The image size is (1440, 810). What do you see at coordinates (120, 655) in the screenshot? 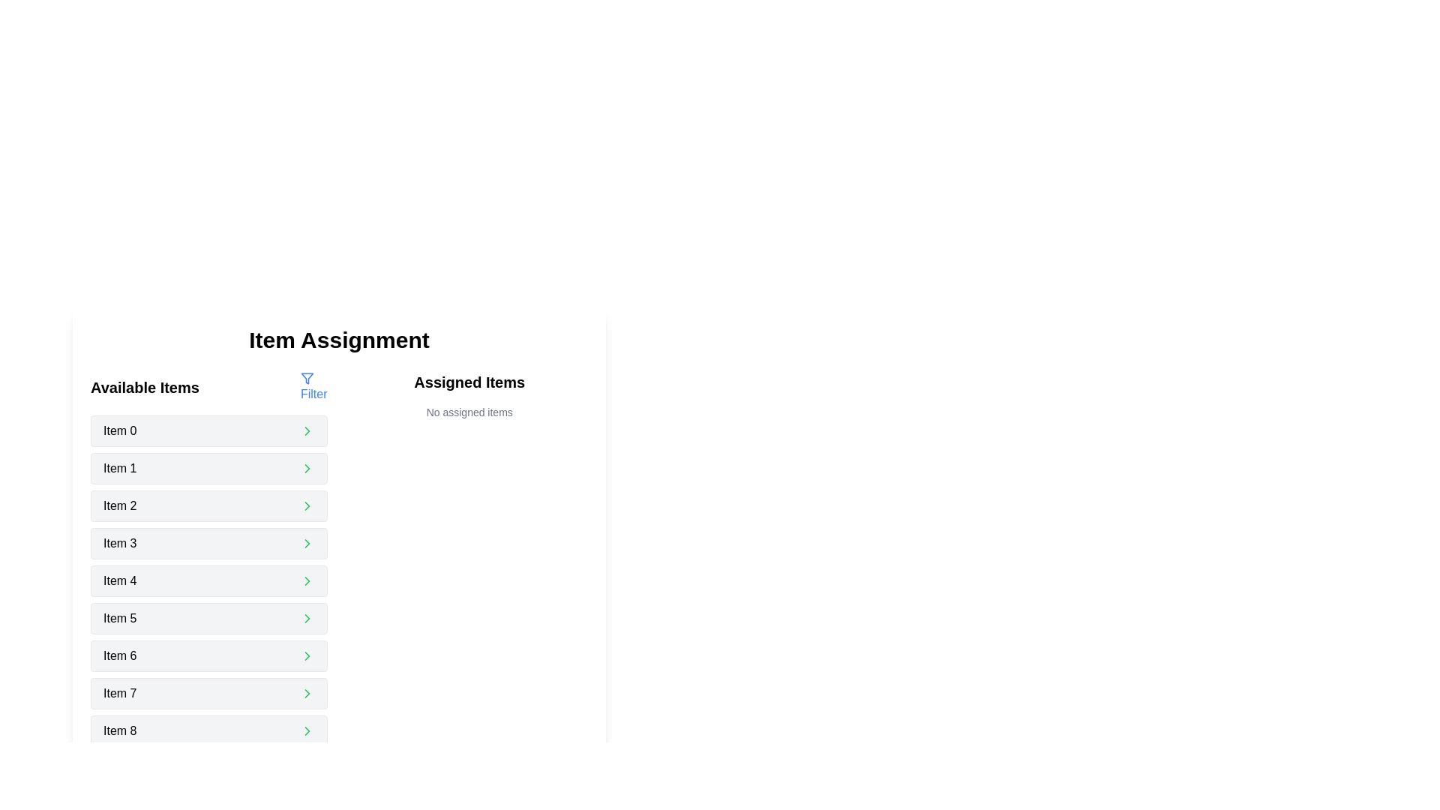
I see `the sixth text label in the 'Available Items' list, which is positioned between 'Item 5' and 'Item 7'` at bounding box center [120, 655].